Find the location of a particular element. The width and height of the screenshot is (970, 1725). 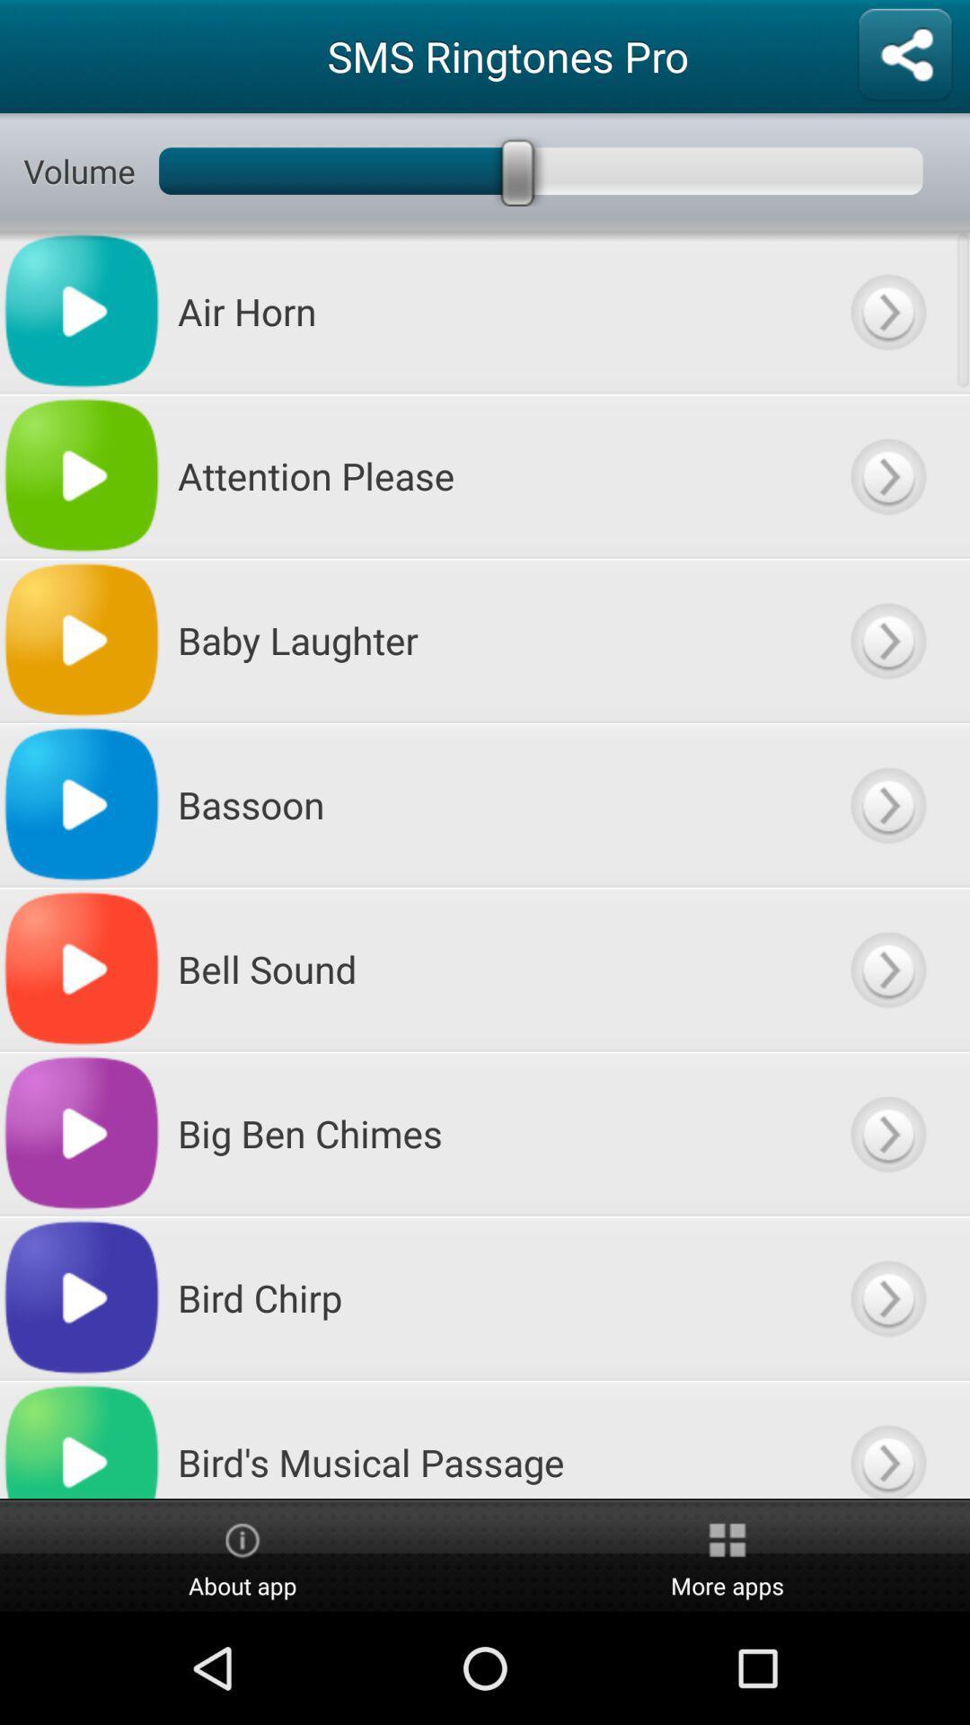

open item is located at coordinates (886, 640).